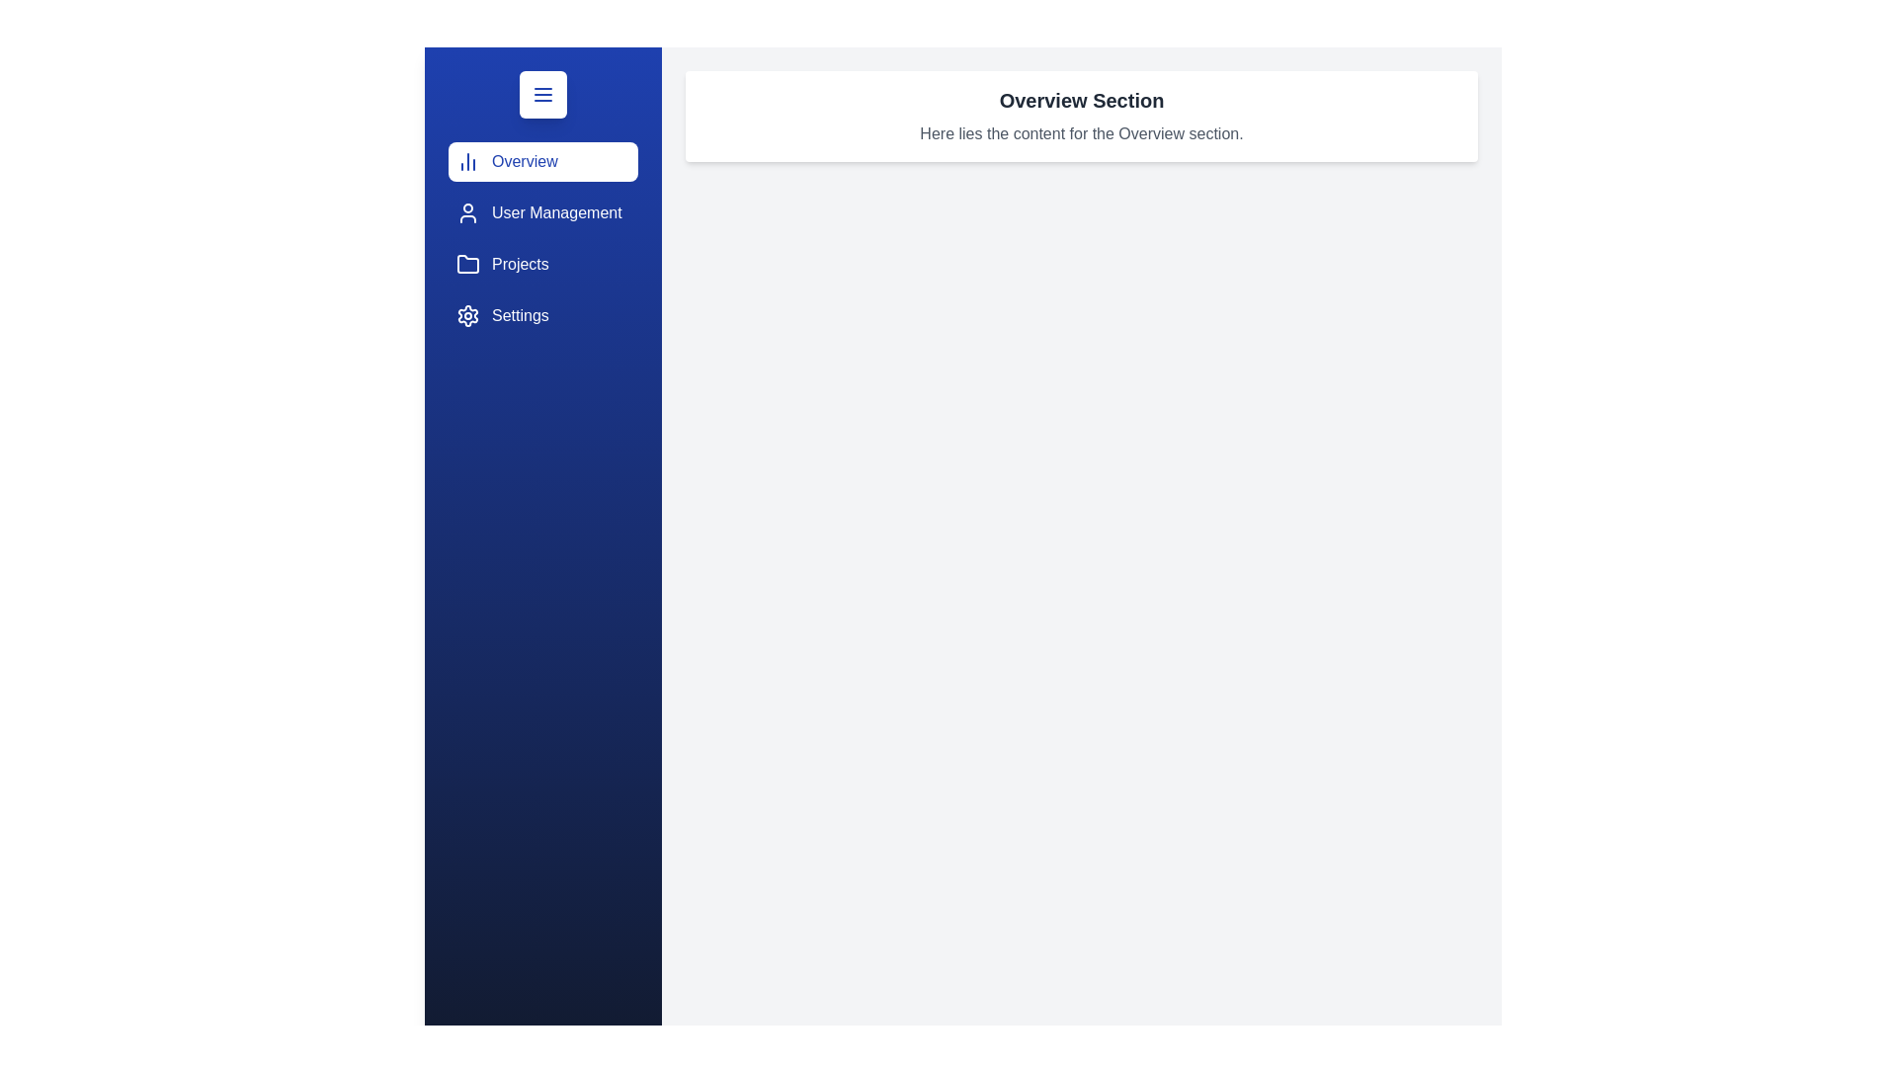 This screenshot has height=1067, width=1897. I want to click on the sidebar section Projects by clicking on its corresponding area, so click(543, 263).